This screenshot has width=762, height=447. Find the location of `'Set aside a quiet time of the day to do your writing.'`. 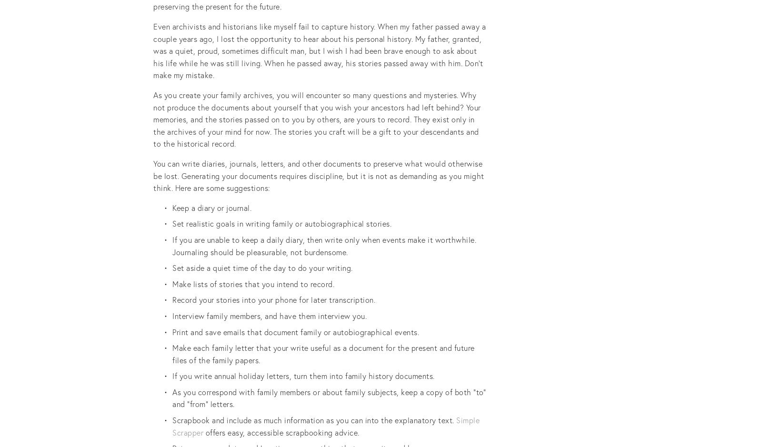

'Set aside a quiet time of the day to do your writing.' is located at coordinates (262, 267).